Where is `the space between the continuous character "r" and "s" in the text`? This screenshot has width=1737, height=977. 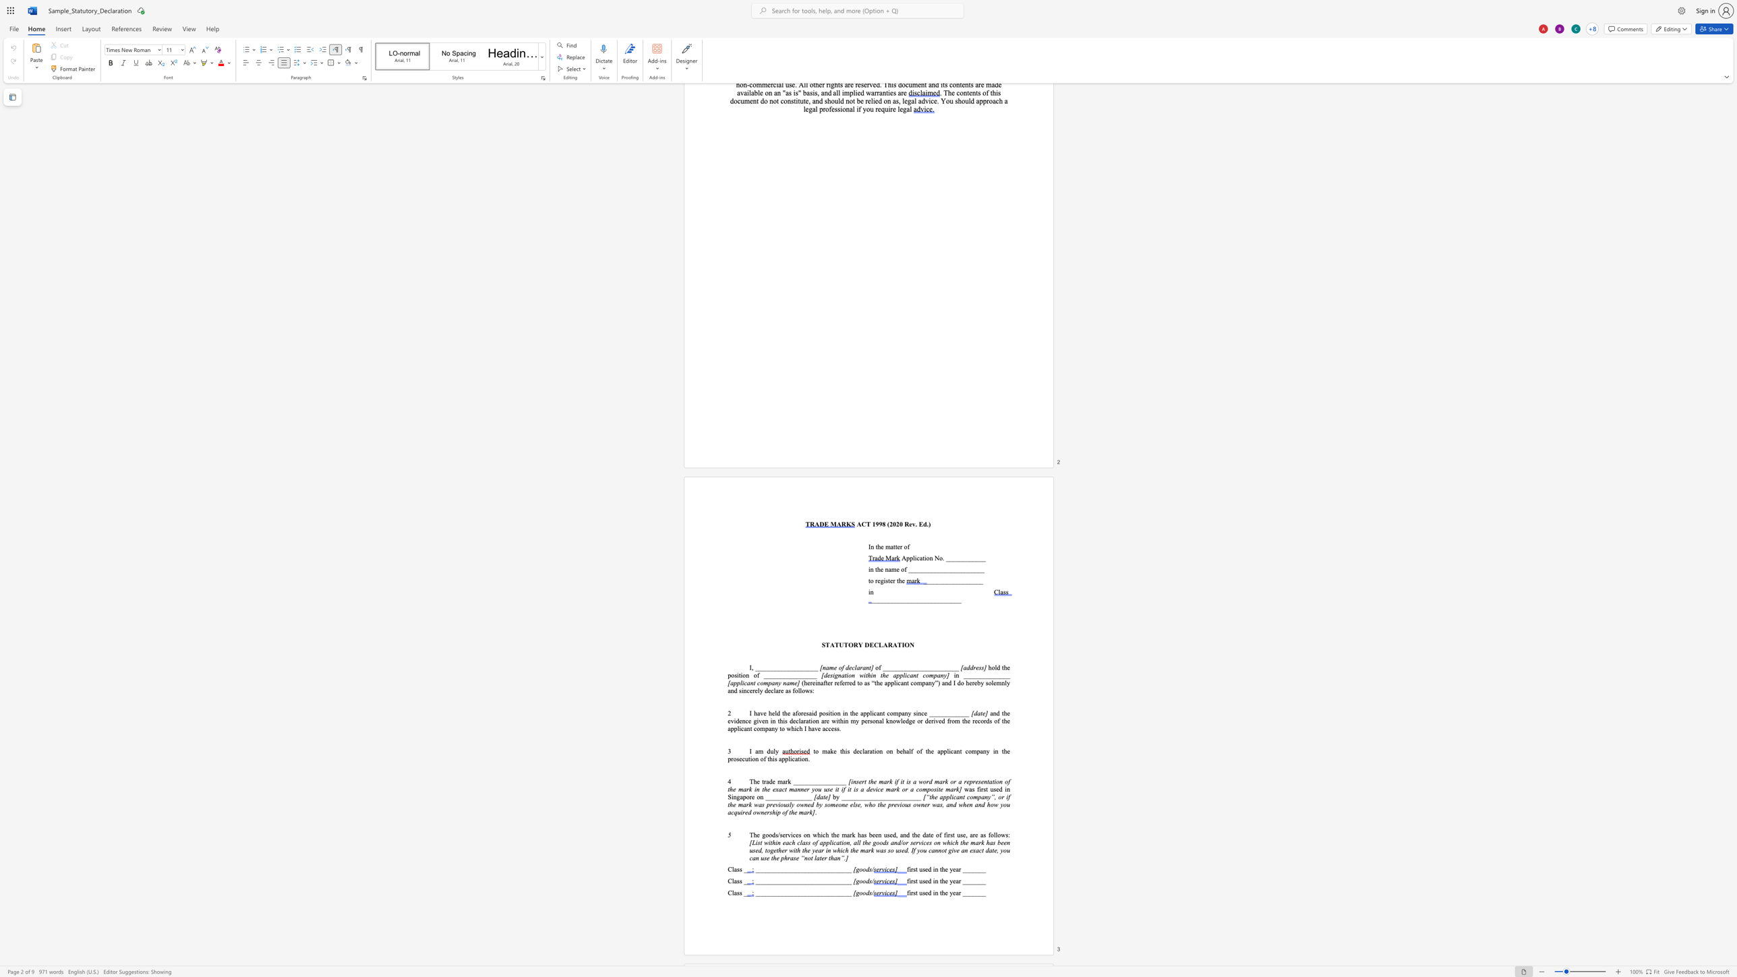
the space between the continuous character "r" and "s" in the text is located at coordinates (912, 881).